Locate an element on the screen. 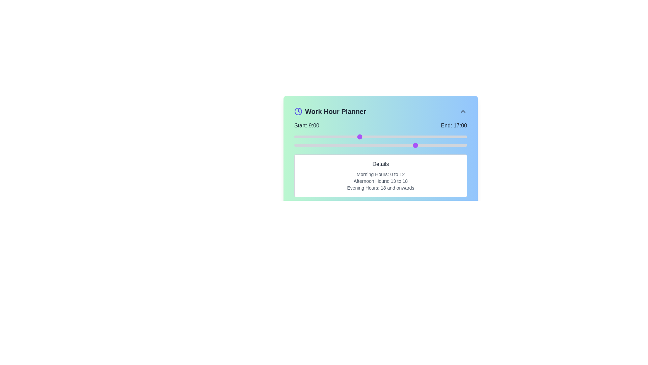 This screenshot has height=365, width=648. the end time slider to 6 hours is located at coordinates (337, 145).